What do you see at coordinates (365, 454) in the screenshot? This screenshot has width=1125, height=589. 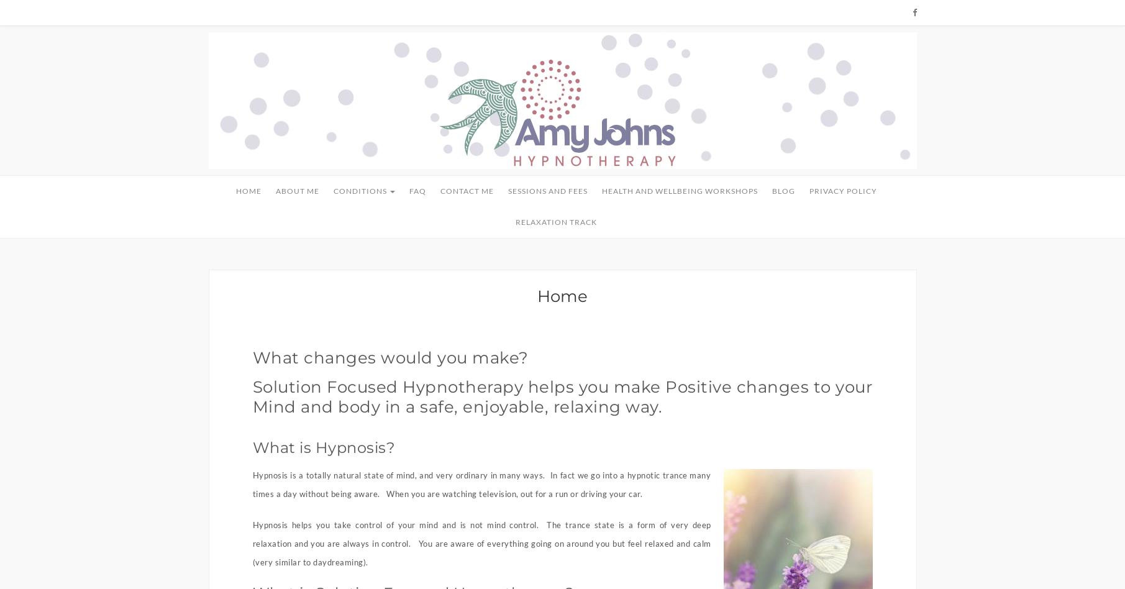 I see `'Motivation'` at bounding box center [365, 454].